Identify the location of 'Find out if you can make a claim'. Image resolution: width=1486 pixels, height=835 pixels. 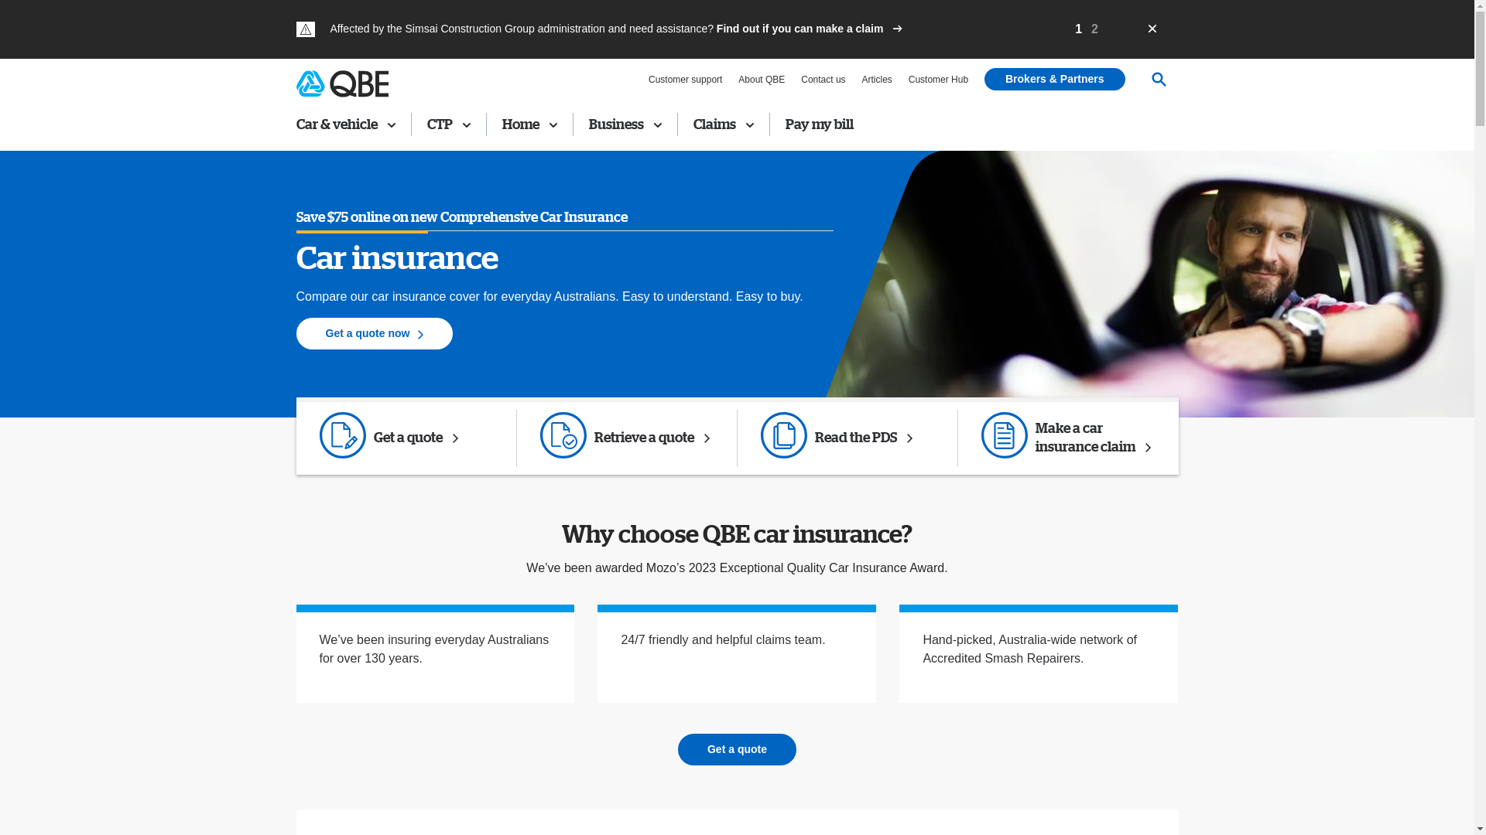
(716, 29).